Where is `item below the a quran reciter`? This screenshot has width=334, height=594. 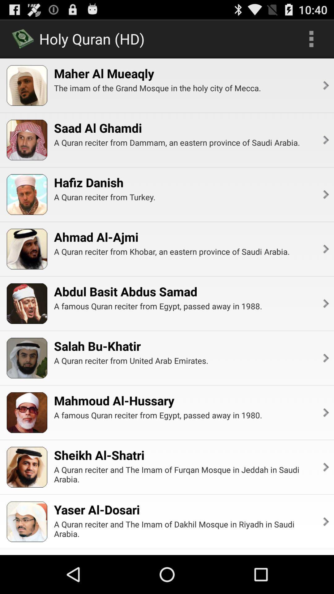
item below the a quran reciter is located at coordinates (96, 237).